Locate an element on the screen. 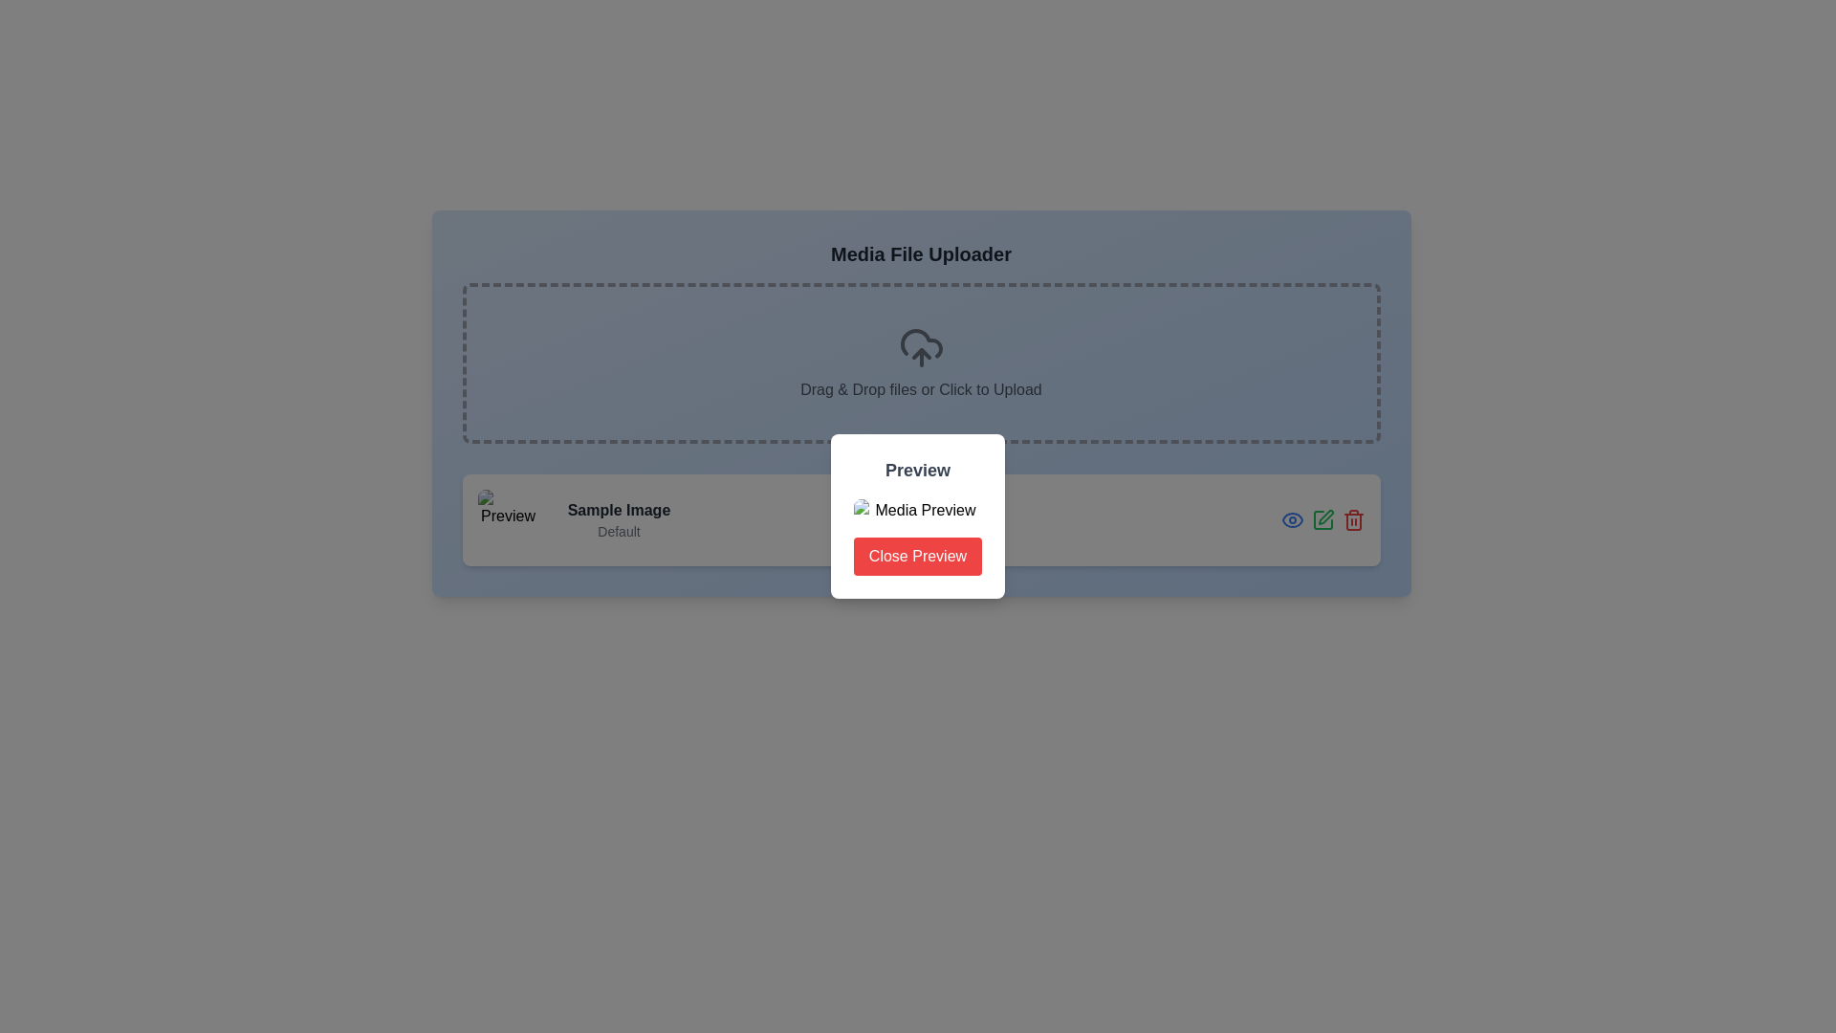 The width and height of the screenshot is (1836, 1033). the content of the image element located in the dialog box below the title 'Preview' and above the button 'Close Preview' is located at coordinates (918, 509).